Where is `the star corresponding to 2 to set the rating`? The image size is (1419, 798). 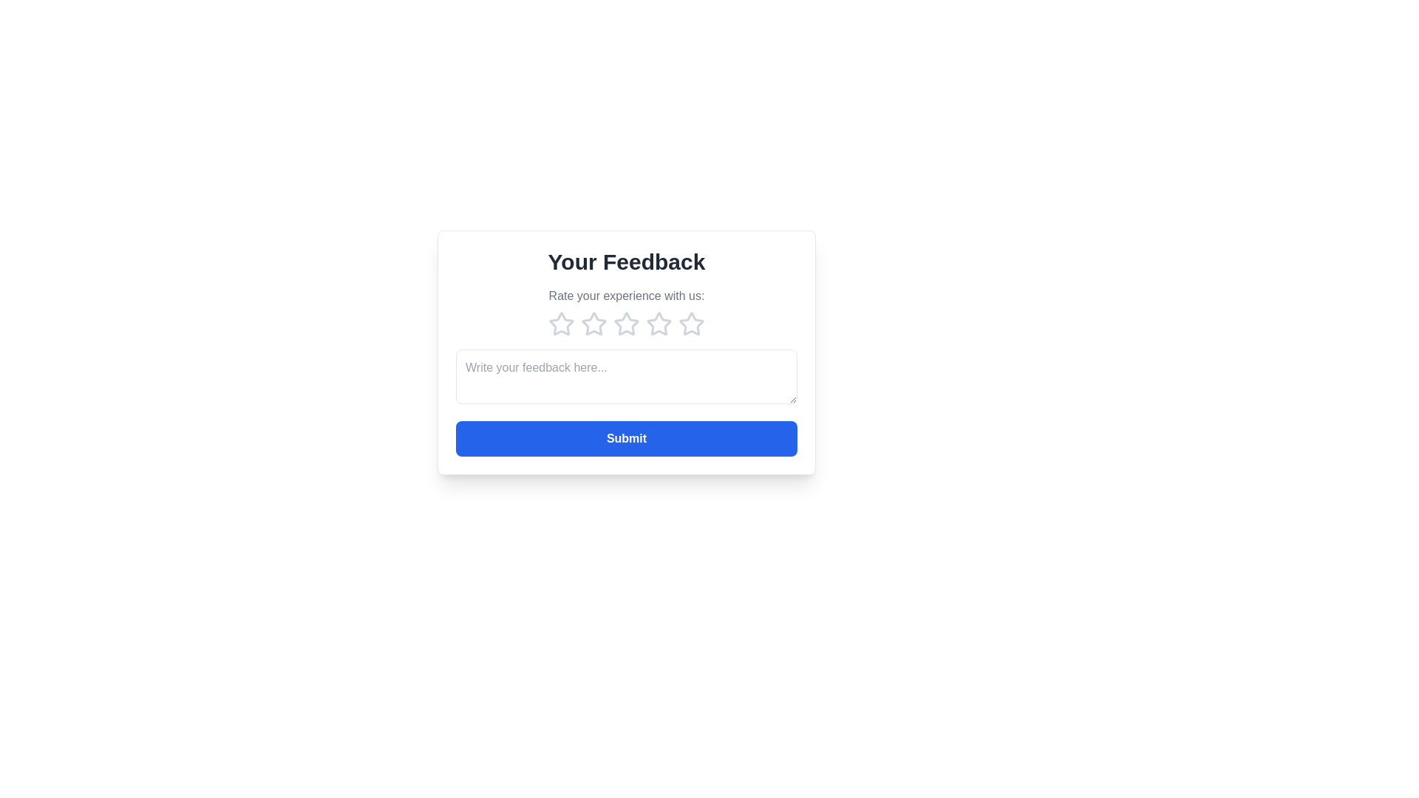 the star corresponding to 2 to set the rating is located at coordinates (594, 324).